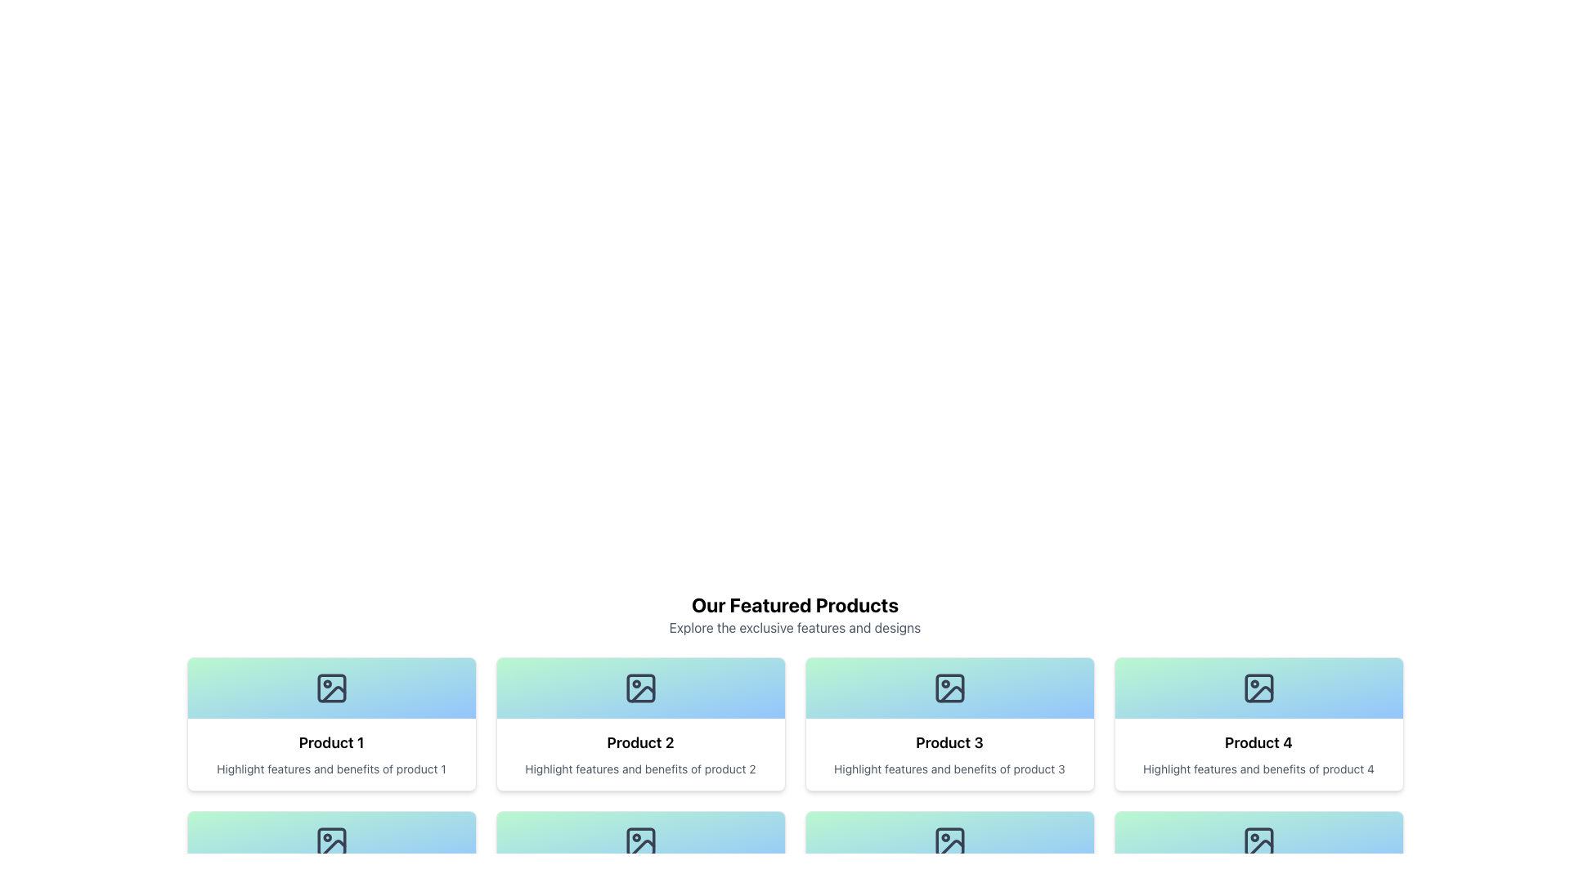 The width and height of the screenshot is (1570, 883). What do you see at coordinates (639, 841) in the screenshot?
I see `the transparent rectangle with rounded corners located inside the image icon in the second row, first column of the product cards grid in the 'Our Featured Products' section` at bounding box center [639, 841].